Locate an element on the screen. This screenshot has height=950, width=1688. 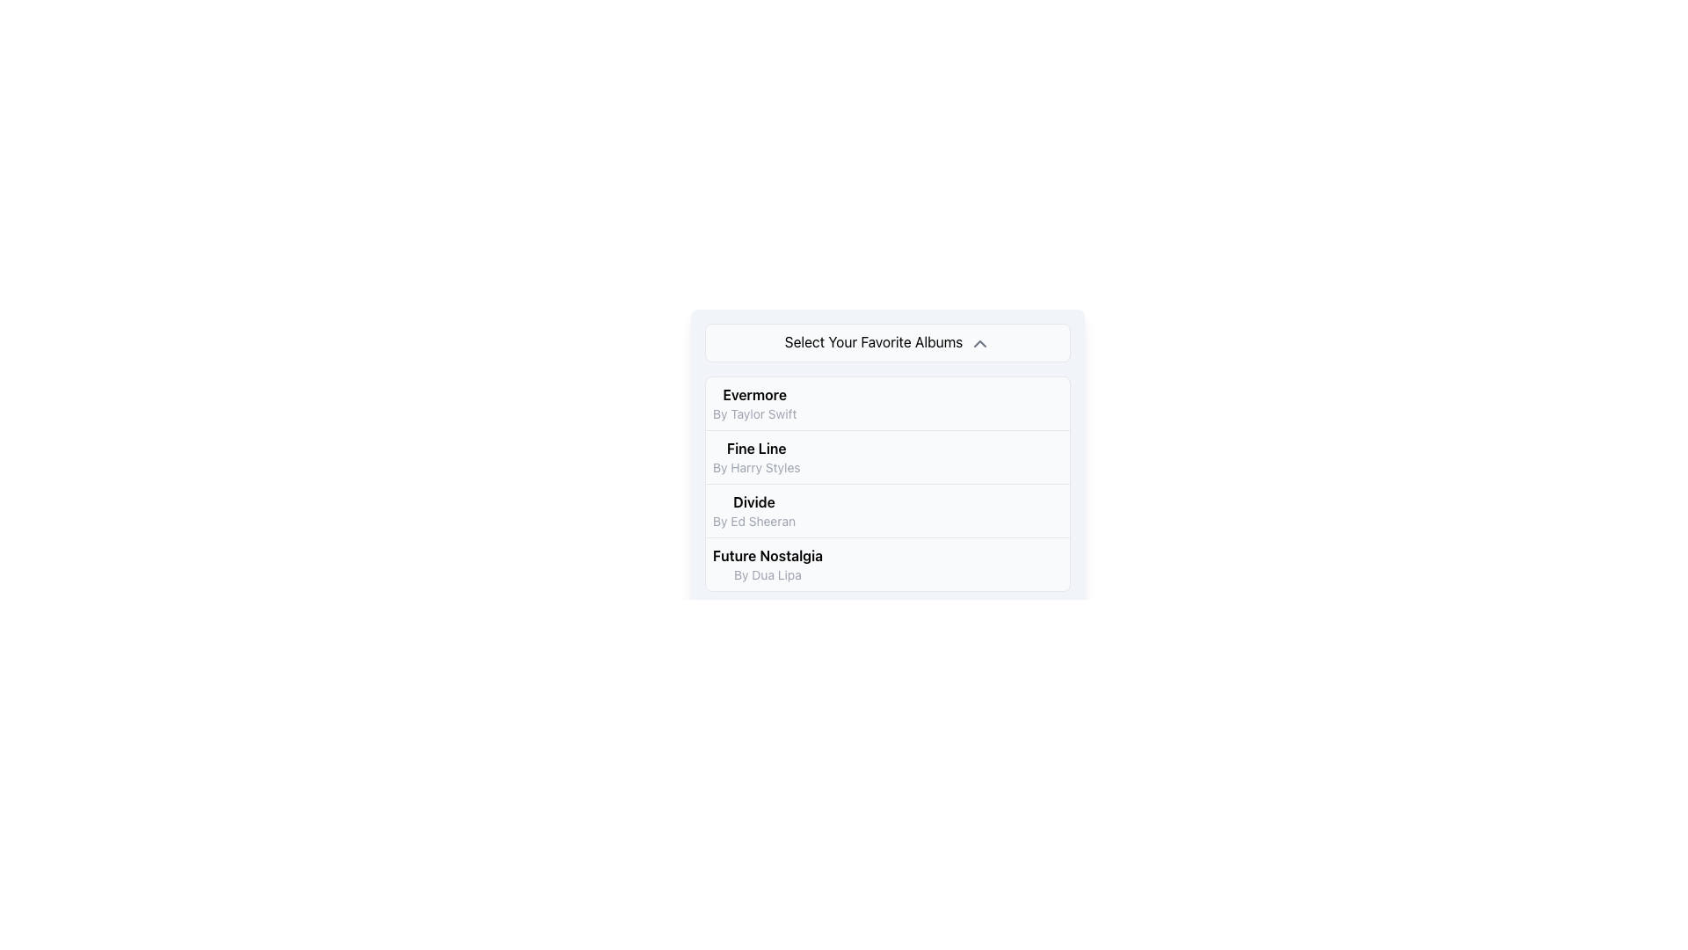
the fourth list item representing the album 'Future Nostalgia' by Dua Lipa is located at coordinates (887, 563).